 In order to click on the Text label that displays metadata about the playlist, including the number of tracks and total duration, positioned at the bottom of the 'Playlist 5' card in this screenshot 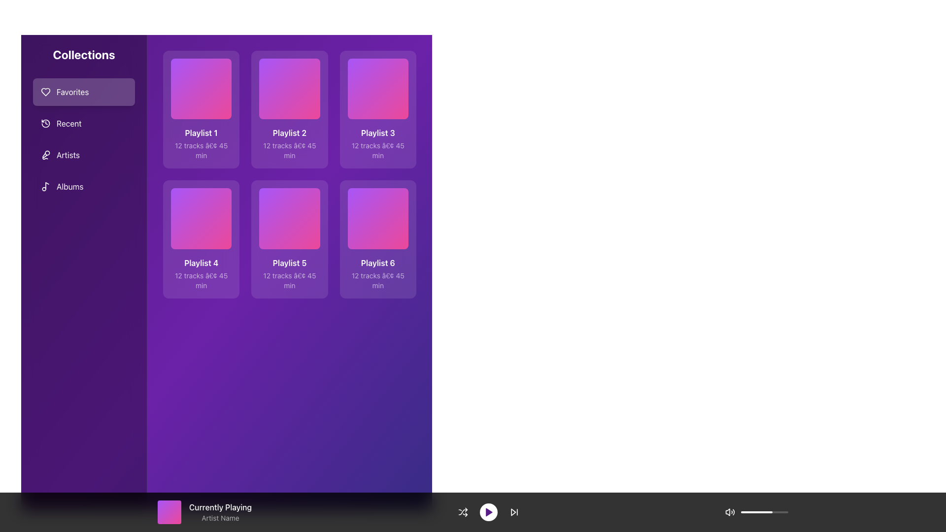, I will do `click(289, 280)`.